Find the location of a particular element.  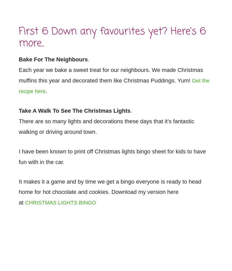

'Take A Walk To See The Christmas Lights' is located at coordinates (74, 107).